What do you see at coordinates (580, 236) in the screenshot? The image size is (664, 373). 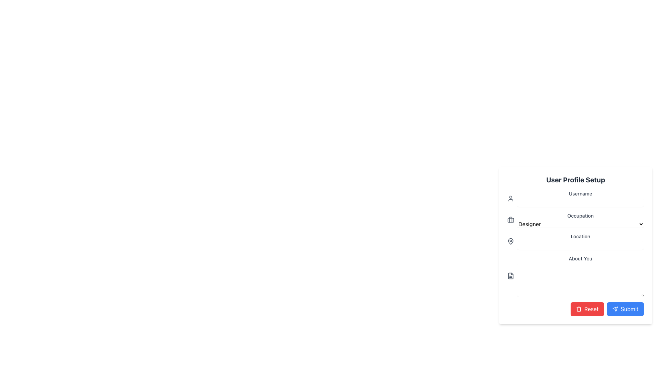 I see `the text label displaying 'Location', which is a small gray font descriptor for an adjacent input field, located below the 'Occupation' dropdown in the middle section of the form layout` at bounding box center [580, 236].